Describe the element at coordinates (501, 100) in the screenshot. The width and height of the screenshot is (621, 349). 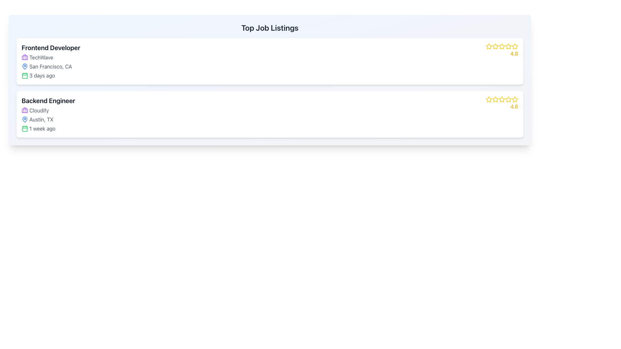
I see `the fourth star icon representing the rating for the job listing of 'Backend Engineer'` at that location.